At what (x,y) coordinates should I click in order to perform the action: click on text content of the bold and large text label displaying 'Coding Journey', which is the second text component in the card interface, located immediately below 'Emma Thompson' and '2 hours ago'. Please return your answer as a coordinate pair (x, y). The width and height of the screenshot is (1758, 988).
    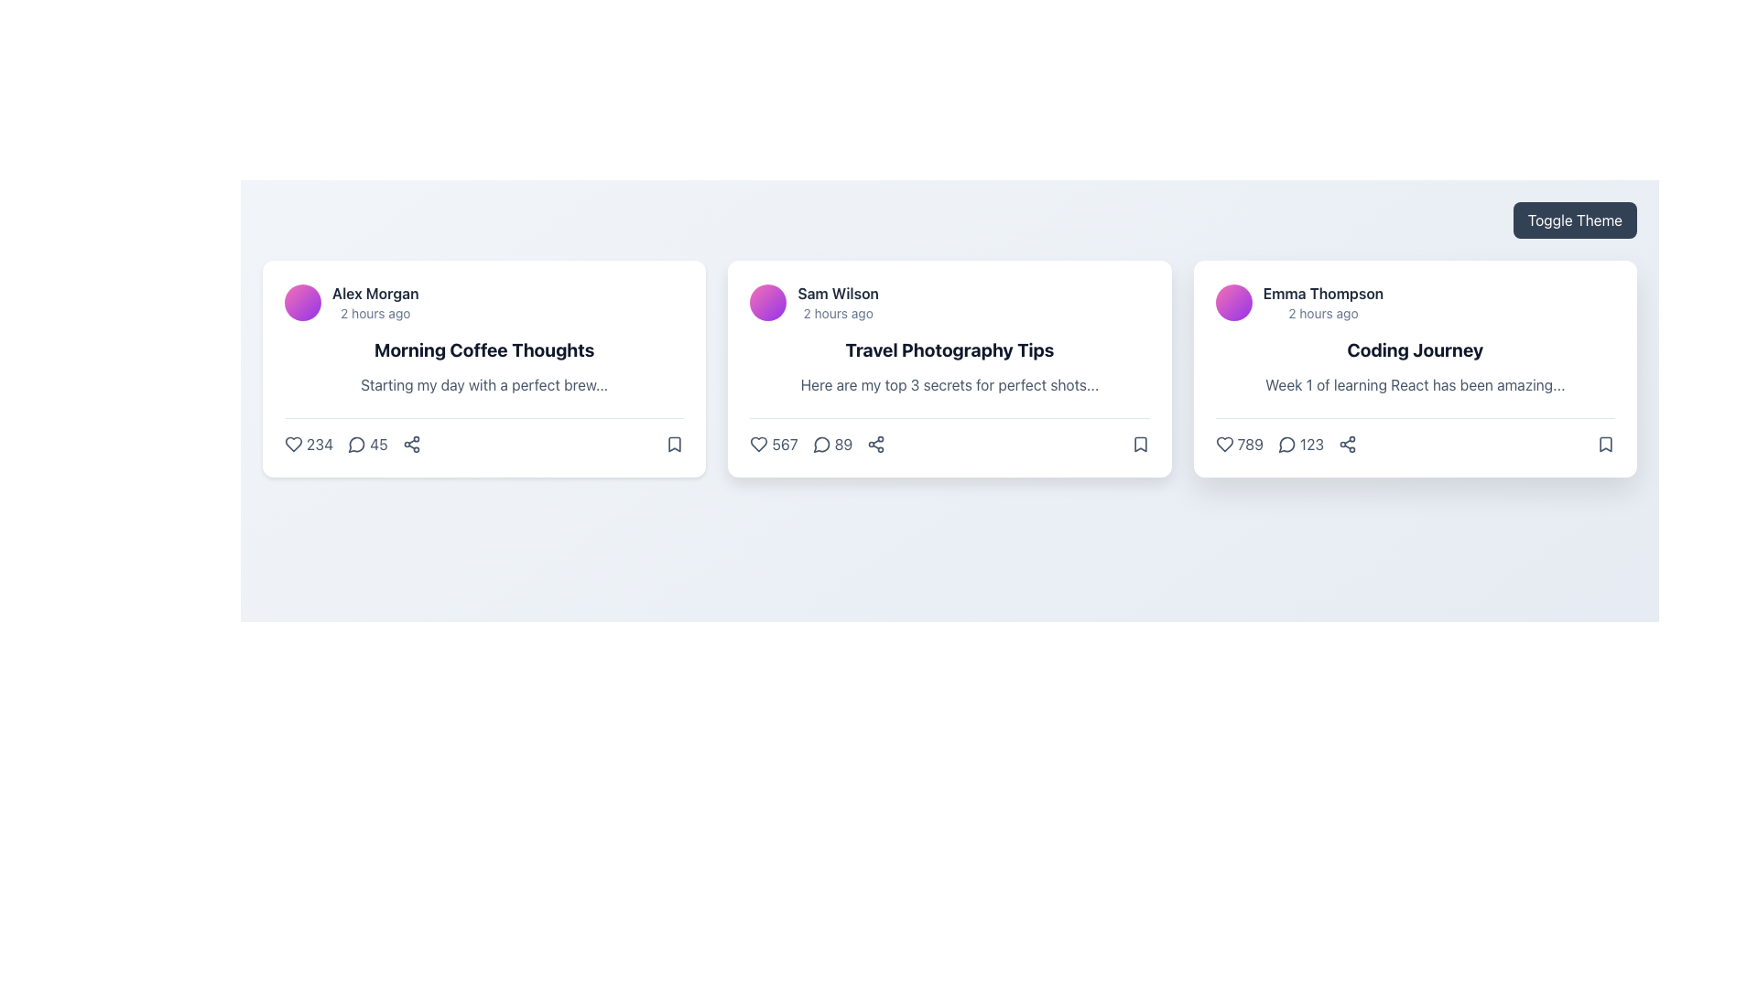
    Looking at the image, I should click on (1414, 349).